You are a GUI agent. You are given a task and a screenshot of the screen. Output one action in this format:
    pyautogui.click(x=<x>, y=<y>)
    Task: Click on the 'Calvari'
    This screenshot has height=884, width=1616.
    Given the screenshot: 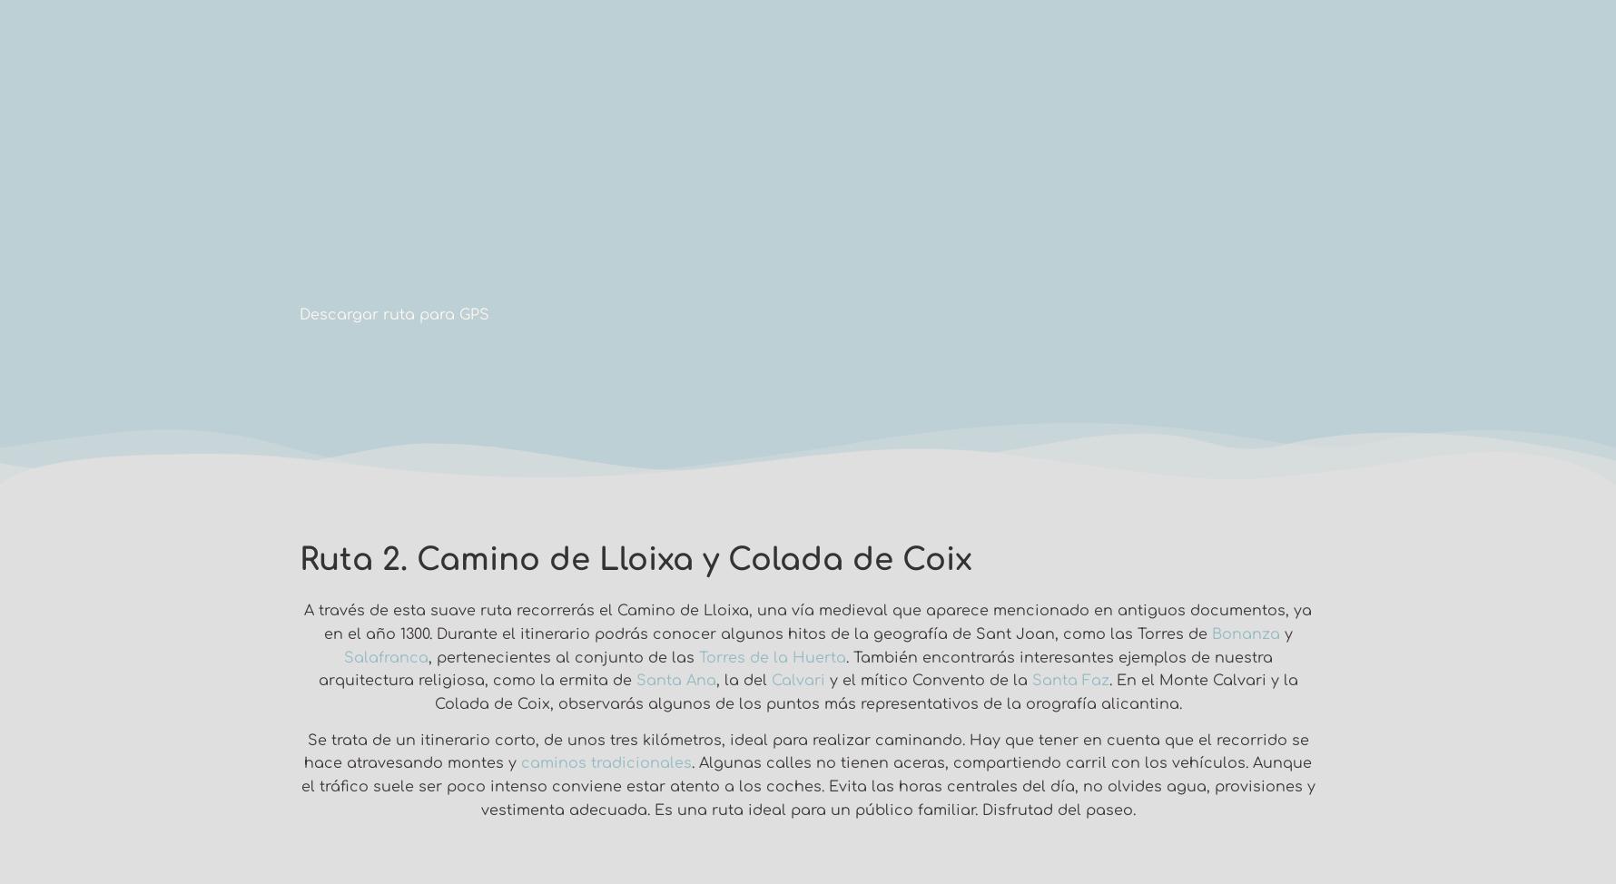 What is the action you would take?
    pyautogui.click(x=796, y=679)
    